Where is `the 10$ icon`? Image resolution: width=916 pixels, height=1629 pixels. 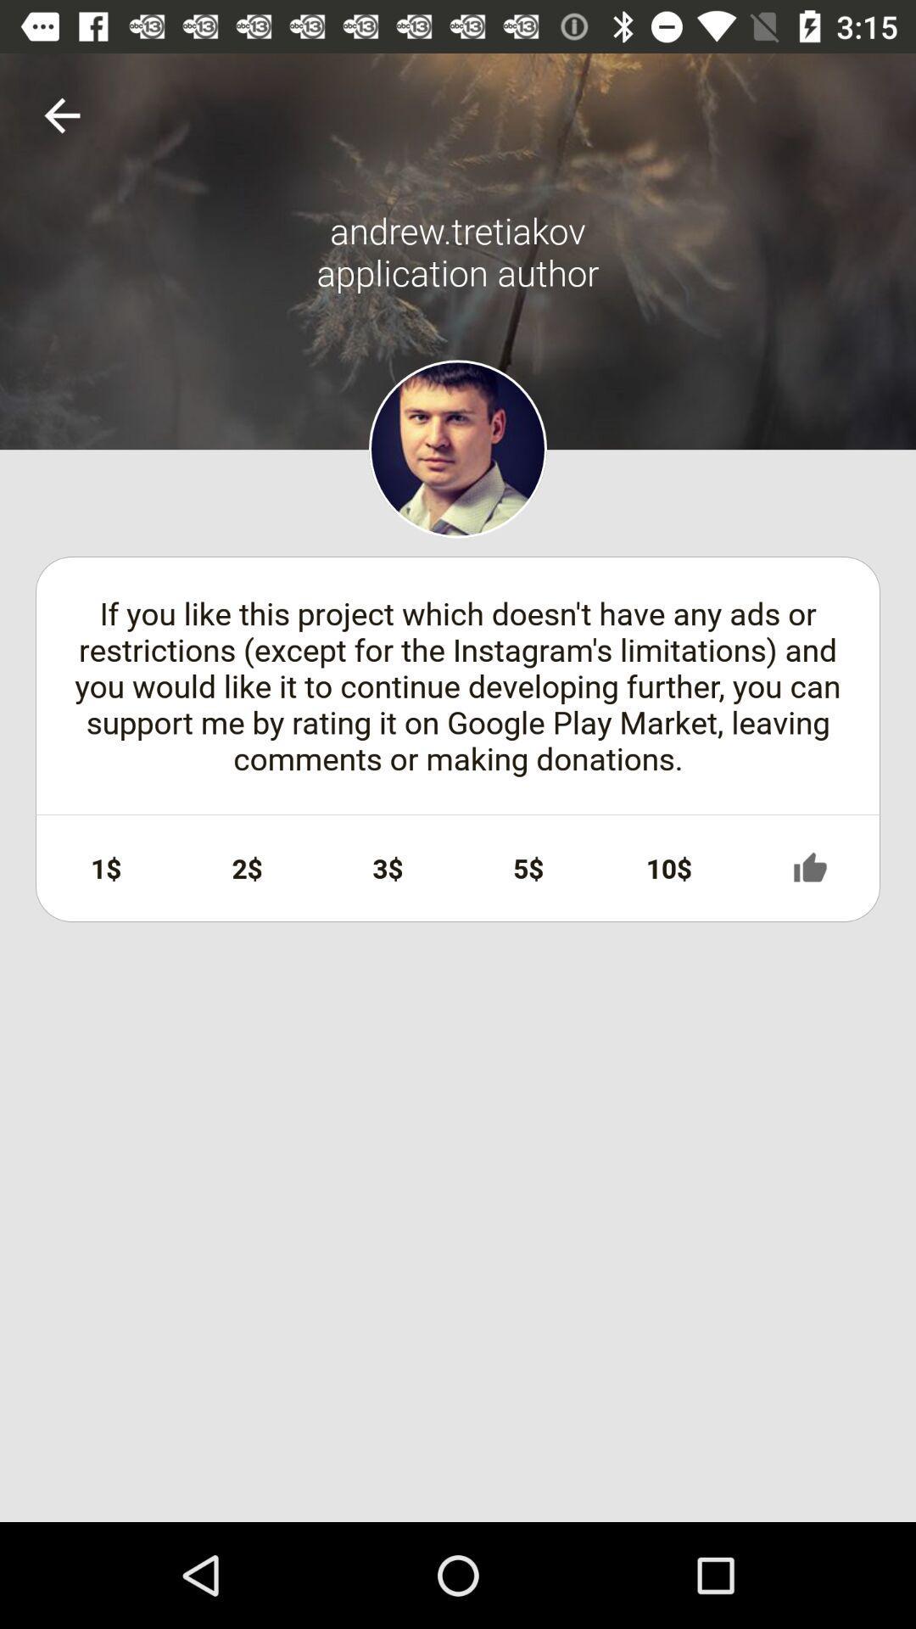 the 10$ icon is located at coordinates (668, 868).